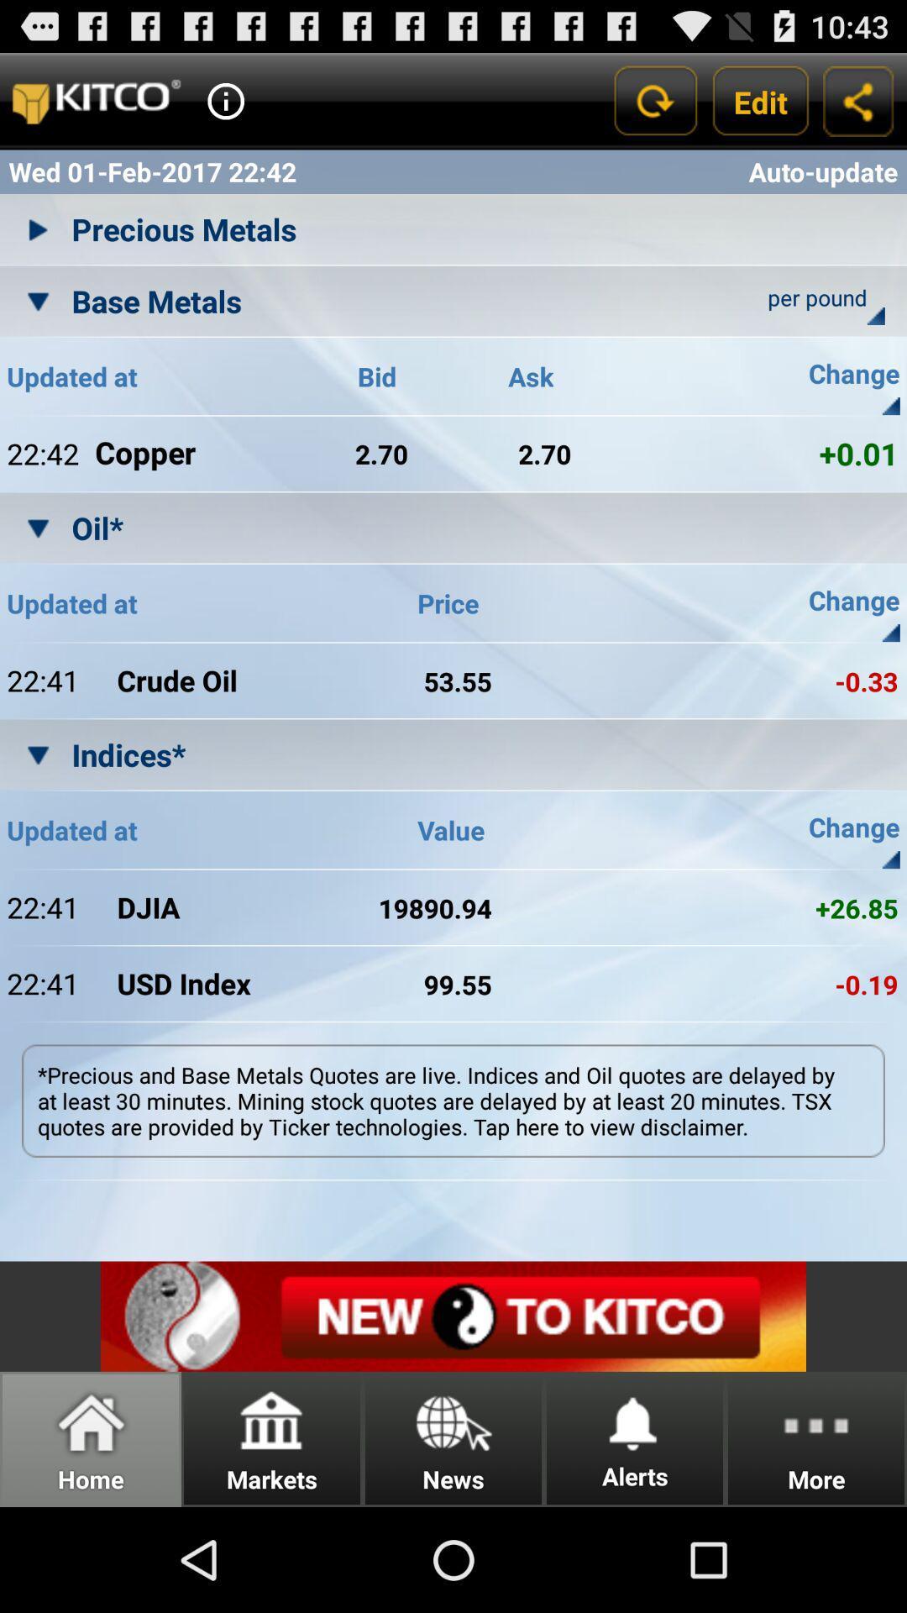  What do you see at coordinates (225, 100) in the screenshot?
I see `help button` at bounding box center [225, 100].